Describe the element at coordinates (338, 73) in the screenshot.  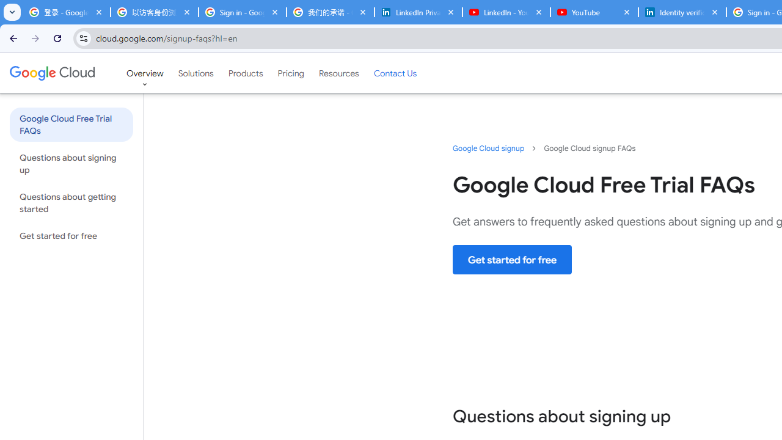
I see `'Resources'` at that location.